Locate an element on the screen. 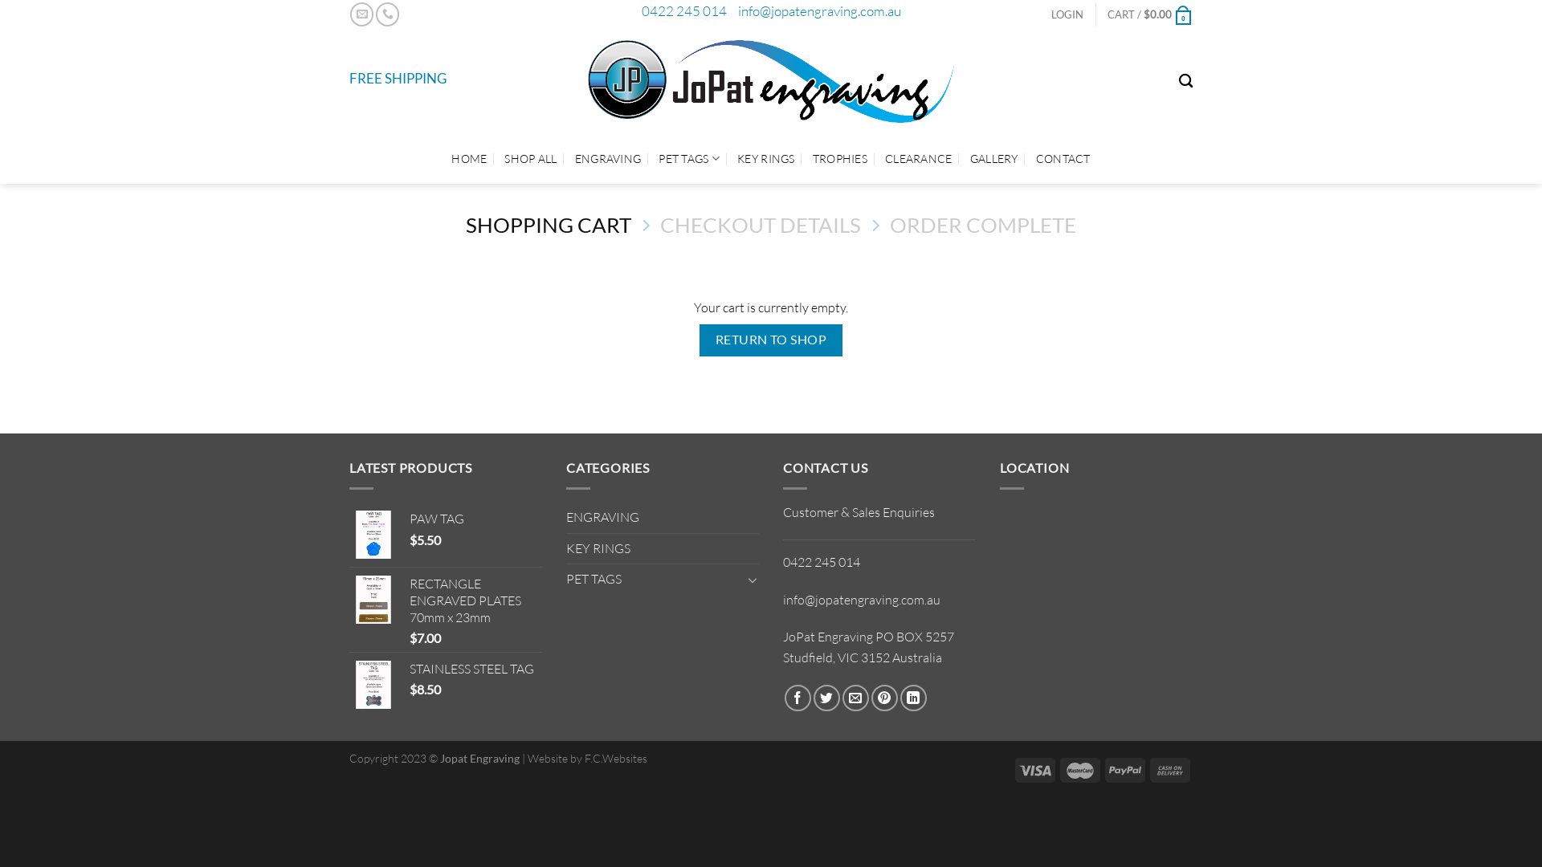  'ORDER COMPLETE' is located at coordinates (982, 224).